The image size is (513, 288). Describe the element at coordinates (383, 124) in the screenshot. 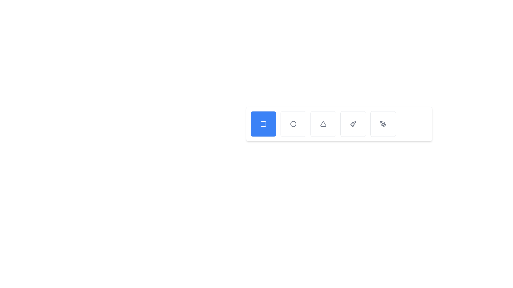

I see `the pen tool icon located as the fifth button from the left in the horizontal row of interactive buttons` at that location.